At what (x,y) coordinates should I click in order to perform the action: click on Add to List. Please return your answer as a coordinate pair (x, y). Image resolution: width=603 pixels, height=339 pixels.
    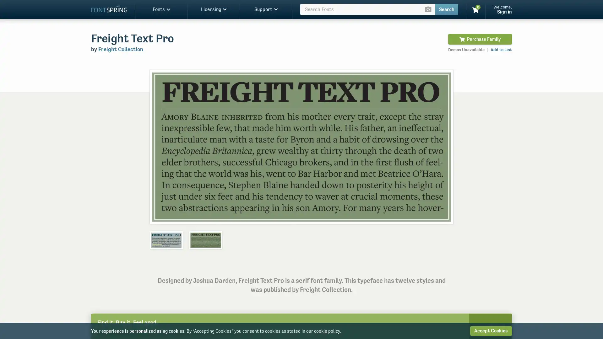
    Looking at the image, I should click on (501, 49).